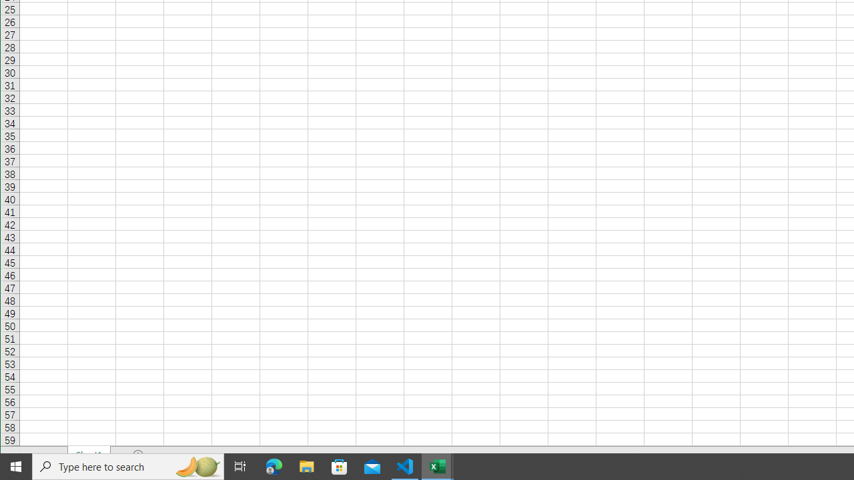 This screenshot has width=854, height=480. I want to click on 'Sheet1', so click(88, 454).